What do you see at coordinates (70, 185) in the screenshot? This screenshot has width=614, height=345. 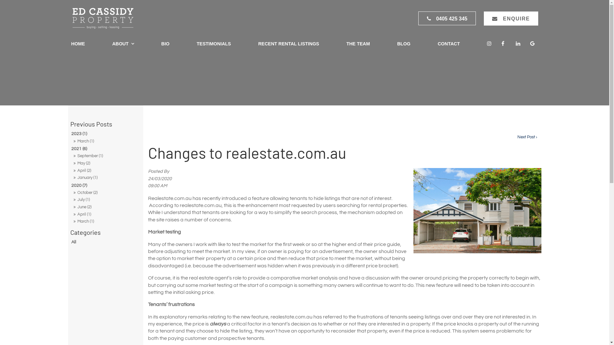 I see `'2020 (7)'` at bounding box center [70, 185].